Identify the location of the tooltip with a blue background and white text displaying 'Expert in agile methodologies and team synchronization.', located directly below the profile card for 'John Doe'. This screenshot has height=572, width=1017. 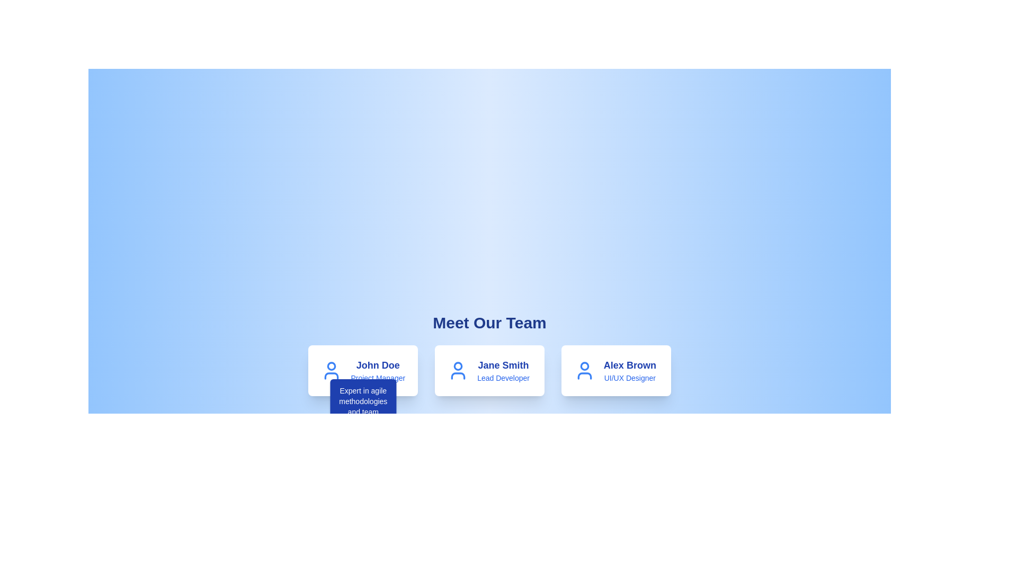
(363, 406).